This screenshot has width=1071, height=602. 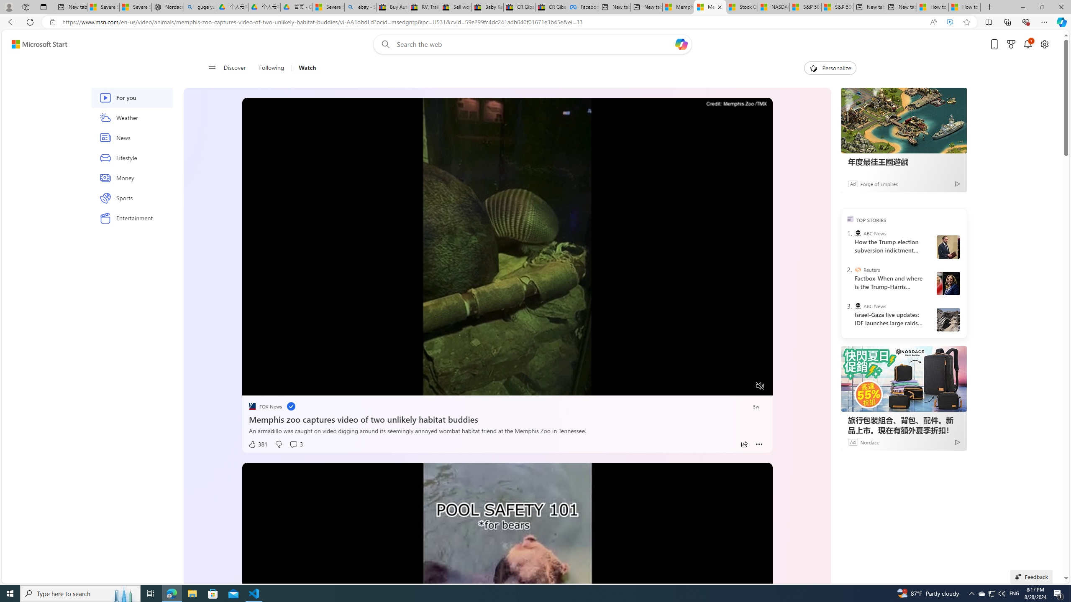 What do you see at coordinates (964, 7) in the screenshot?
I see `'How to Use a Monitor With Your Closed Laptop'` at bounding box center [964, 7].